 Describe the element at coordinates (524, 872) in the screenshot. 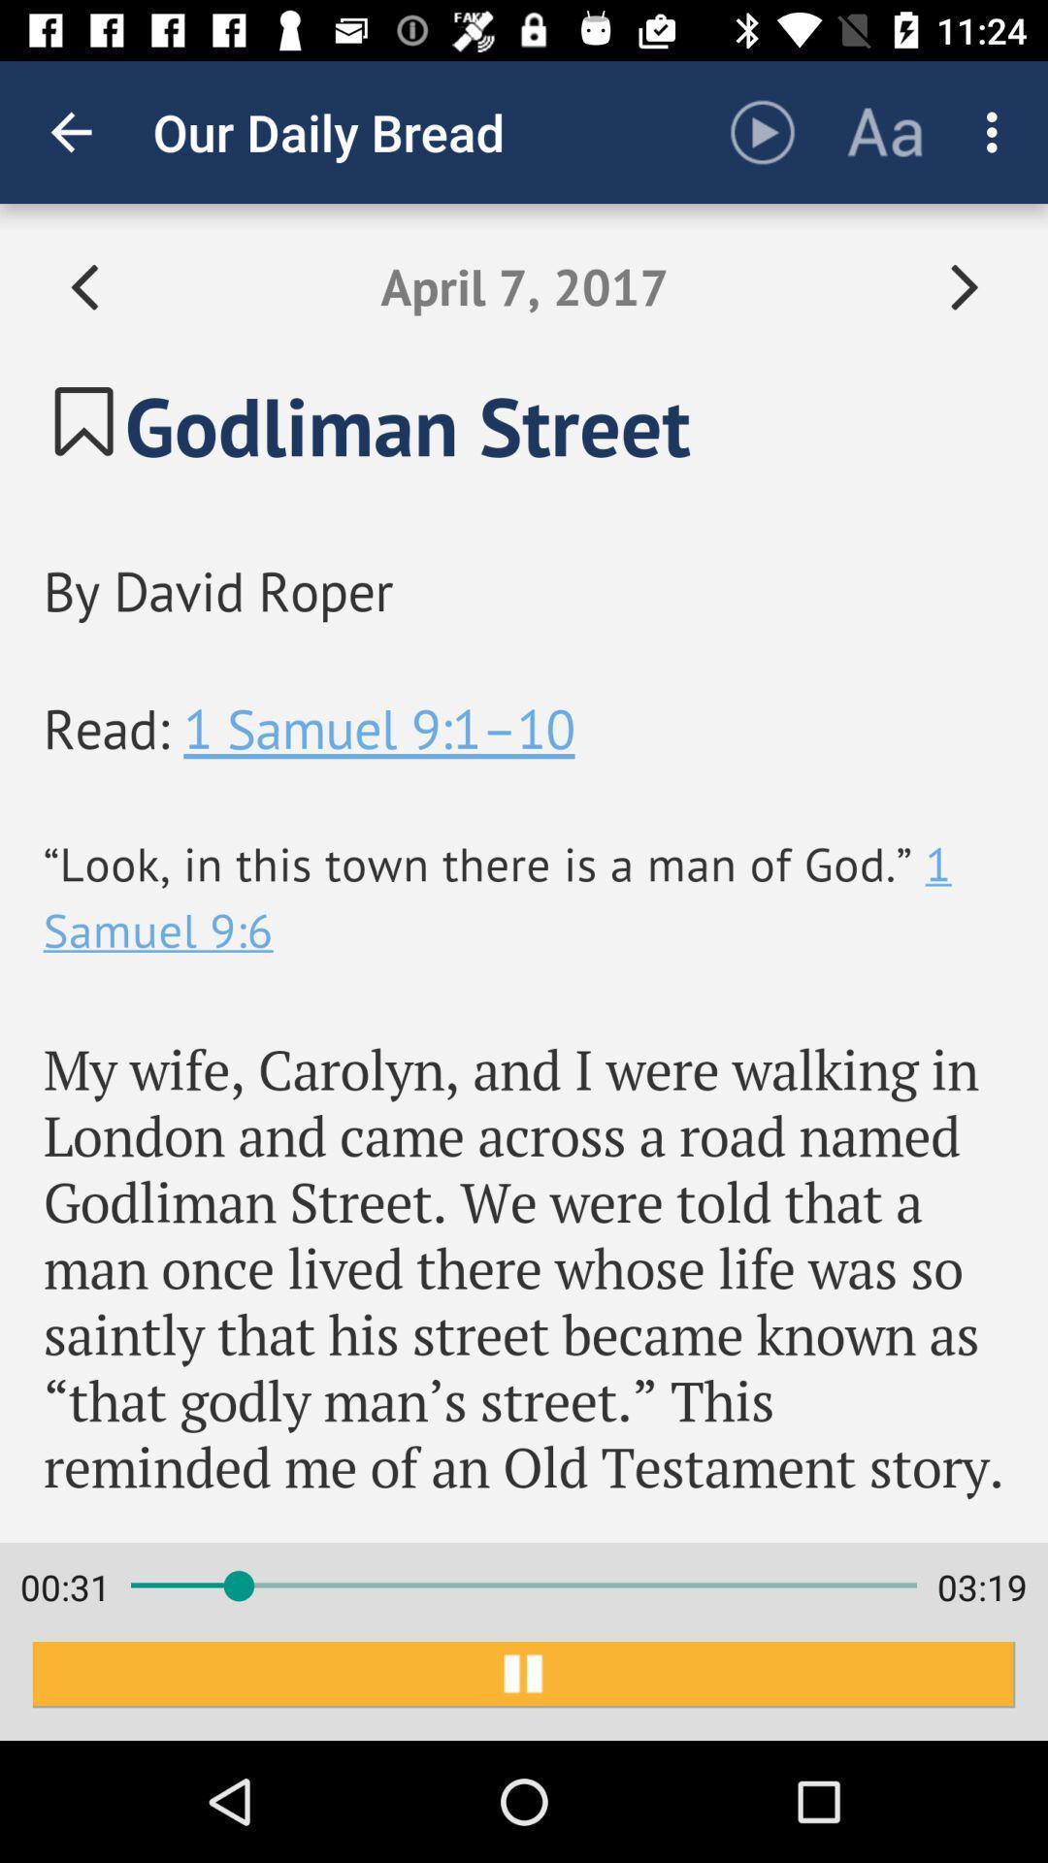

I see `item at the center` at that location.